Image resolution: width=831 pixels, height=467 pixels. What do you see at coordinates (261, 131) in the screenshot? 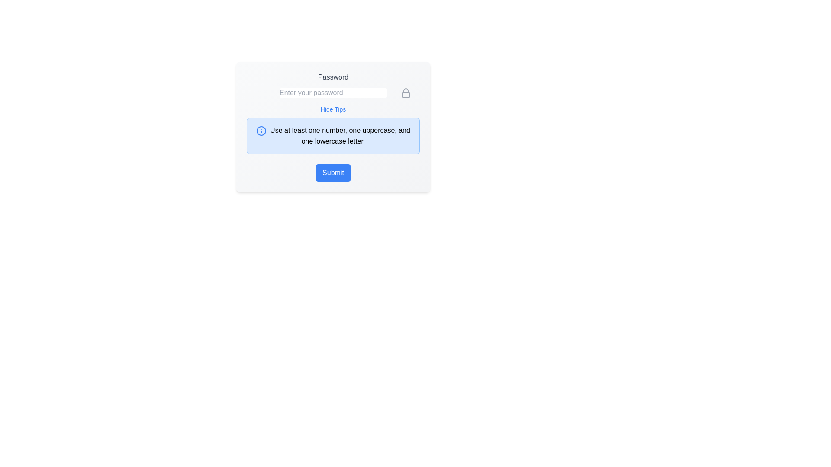
I see `the circular icon that indicates additional information about password requirements by moving the cursor to its center` at bounding box center [261, 131].